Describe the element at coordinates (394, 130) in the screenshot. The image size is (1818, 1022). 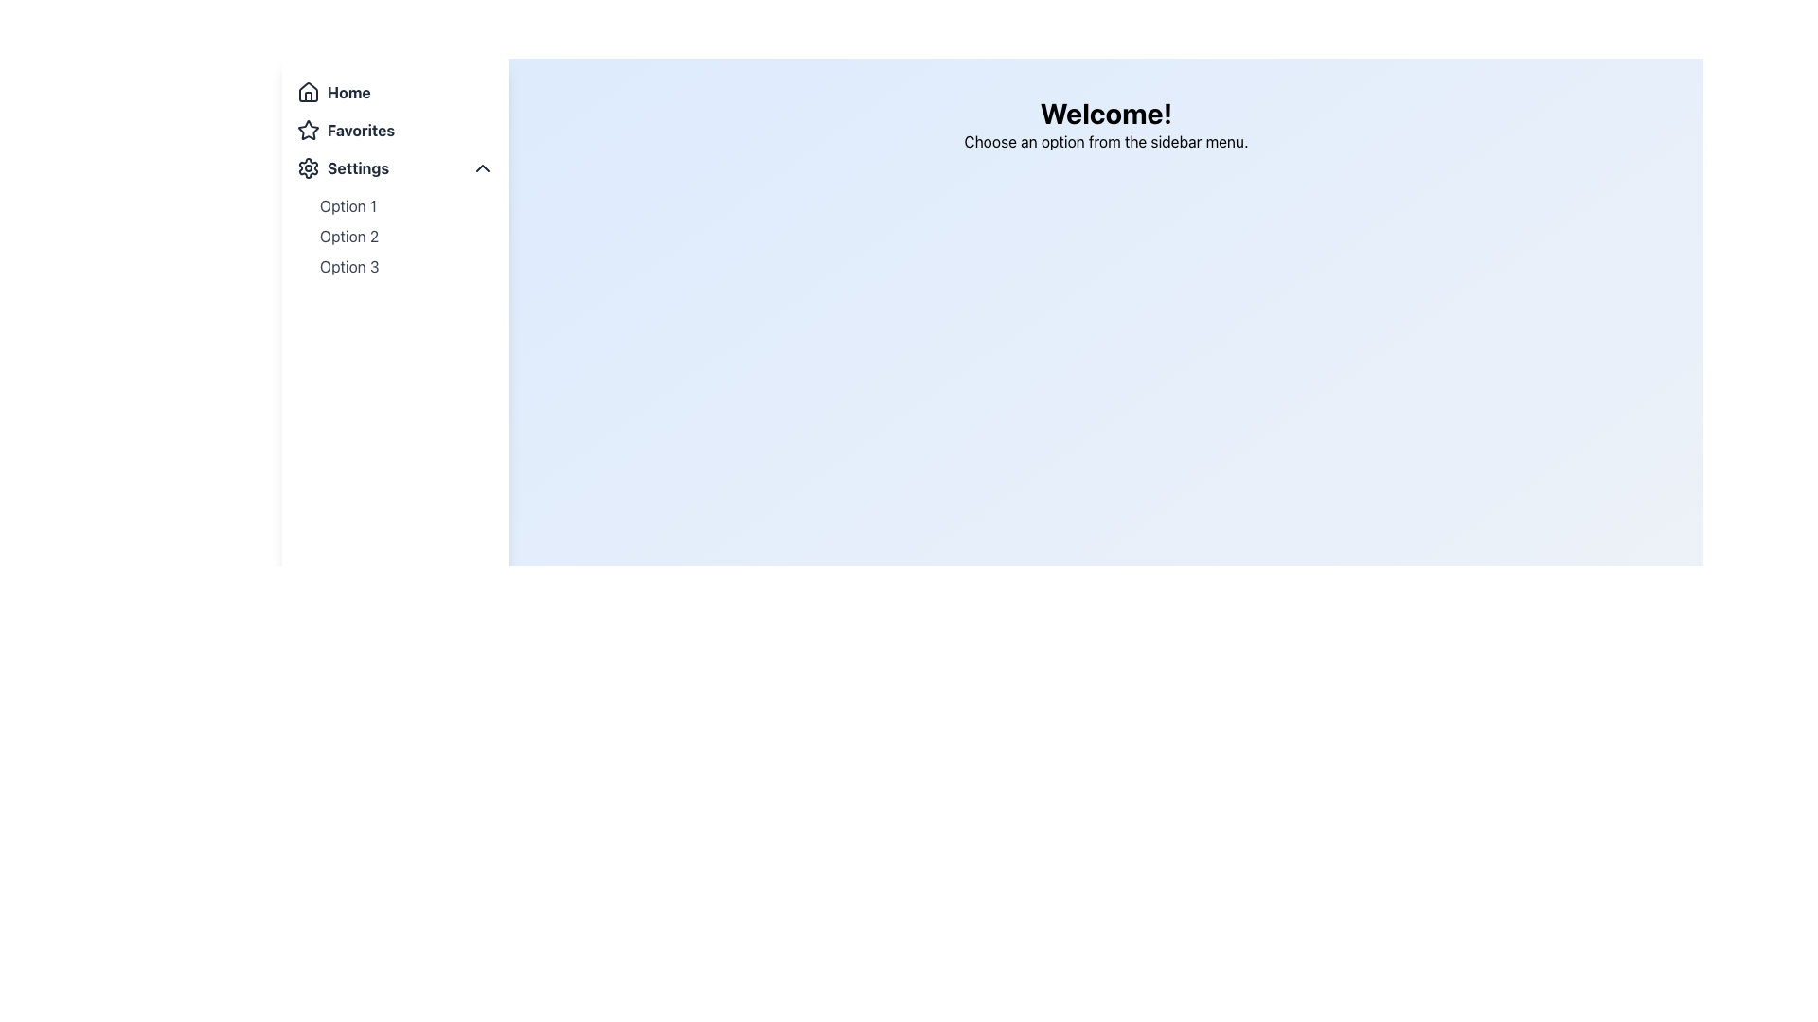
I see `the 'Favorites' button-like navigation item in the vertical navigation panel` at that location.